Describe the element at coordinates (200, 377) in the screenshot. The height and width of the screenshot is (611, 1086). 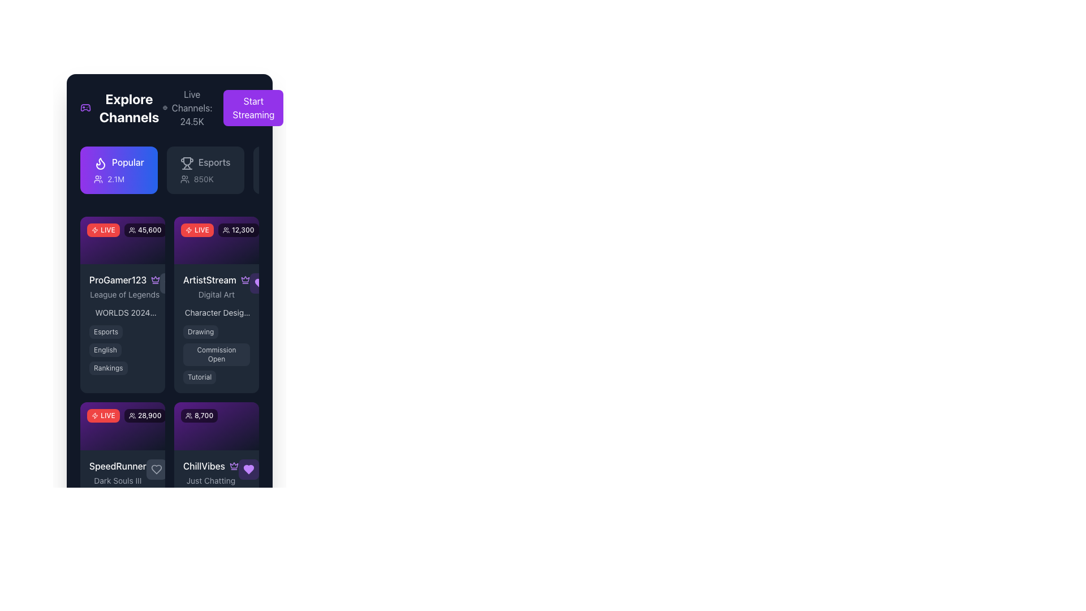
I see `the 'Tutorial' button, which is a rectangular button with light gray text on a dark gray background, located below the 'ArtistStream' section in a flexbox layout` at that location.